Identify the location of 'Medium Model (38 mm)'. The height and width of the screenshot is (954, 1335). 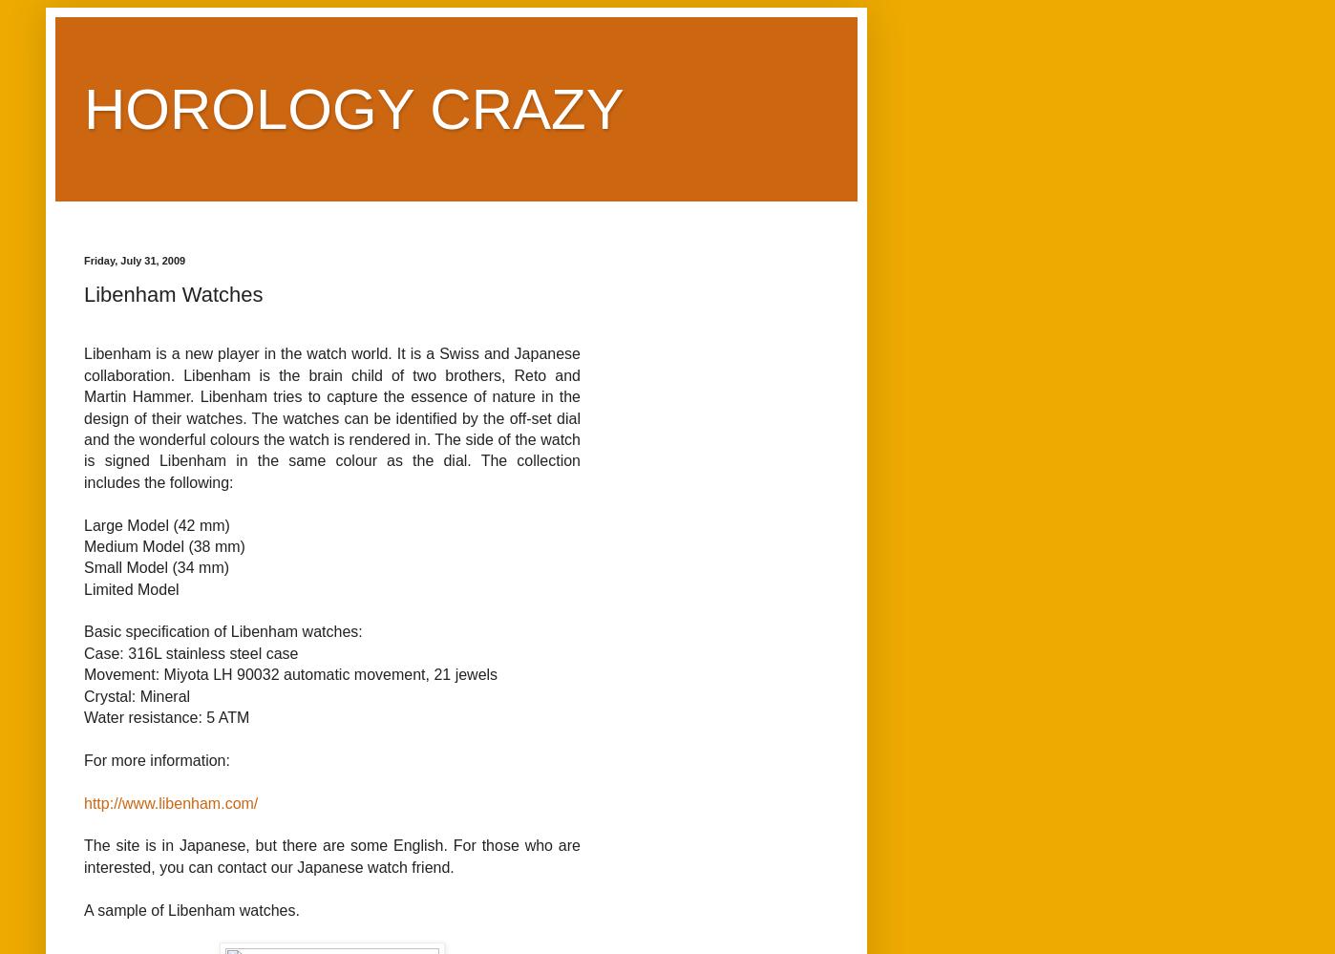
(163, 545).